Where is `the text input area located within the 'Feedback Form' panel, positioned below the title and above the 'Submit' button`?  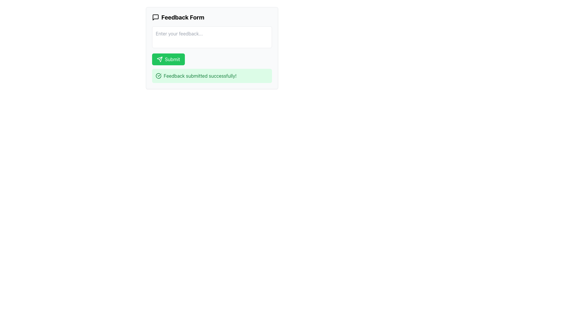 the text input area located within the 'Feedback Form' panel, positioned below the title and above the 'Submit' button is located at coordinates (212, 37).